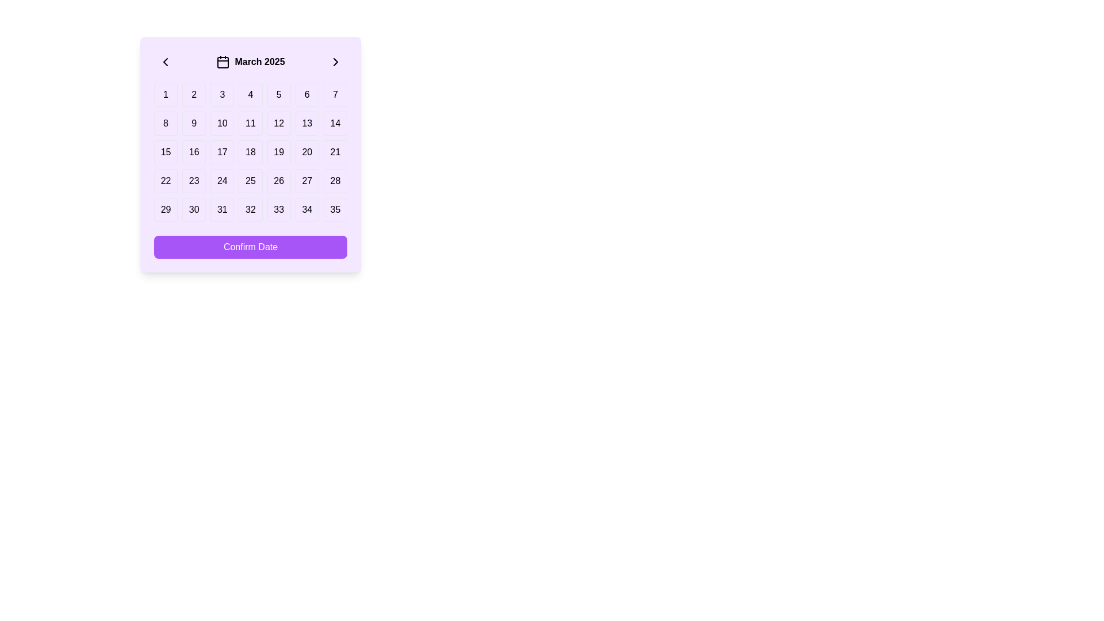 The height and width of the screenshot is (621, 1104). Describe the element at coordinates (223, 62) in the screenshot. I see `the center of the calendar icon located in the header section of the date picker panel, which is positioned immediately before the text 'March 2025'` at that location.